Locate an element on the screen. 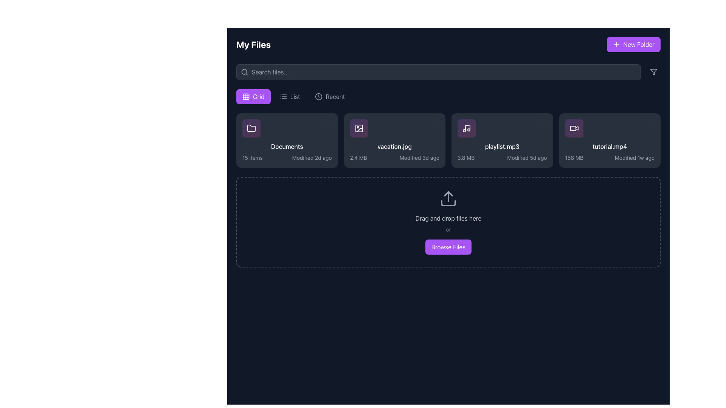  the button located at the bottom center of the bordered area labeled 'Drag and drop files here or Browse Files' to observe its hover effect is located at coordinates (448, 247).